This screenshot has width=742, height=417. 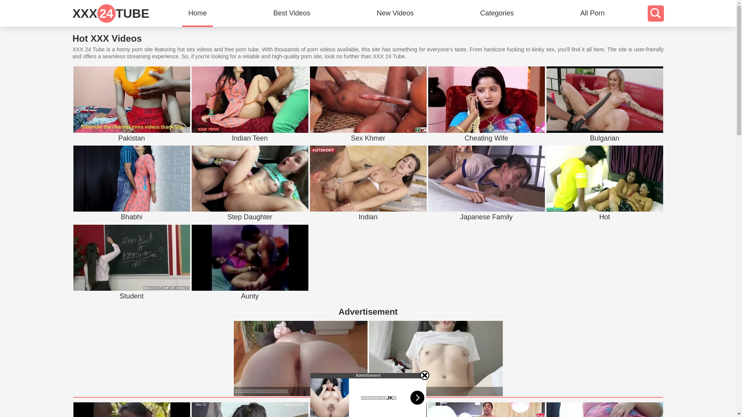 What do you see at coordinates (111, 13) in the screenshot?
I see `'XXX24TUBE'` at bounding box center [111, 13].